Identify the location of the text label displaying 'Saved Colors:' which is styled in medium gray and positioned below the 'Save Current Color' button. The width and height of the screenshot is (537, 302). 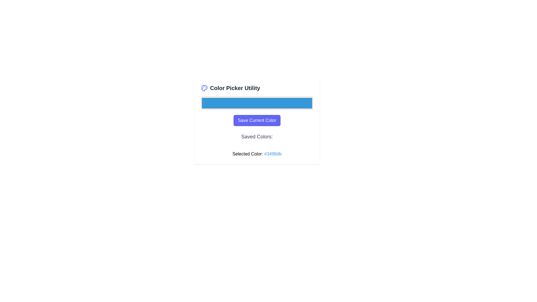
(256, 137).